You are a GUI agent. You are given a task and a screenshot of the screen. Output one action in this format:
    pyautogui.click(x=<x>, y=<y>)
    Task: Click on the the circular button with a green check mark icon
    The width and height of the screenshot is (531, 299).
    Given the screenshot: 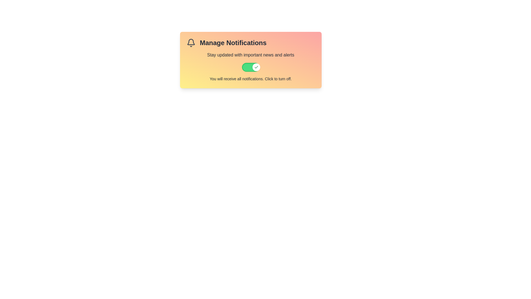 What is the action you would take?
    pyautogui.click(x=256, y=67)
    